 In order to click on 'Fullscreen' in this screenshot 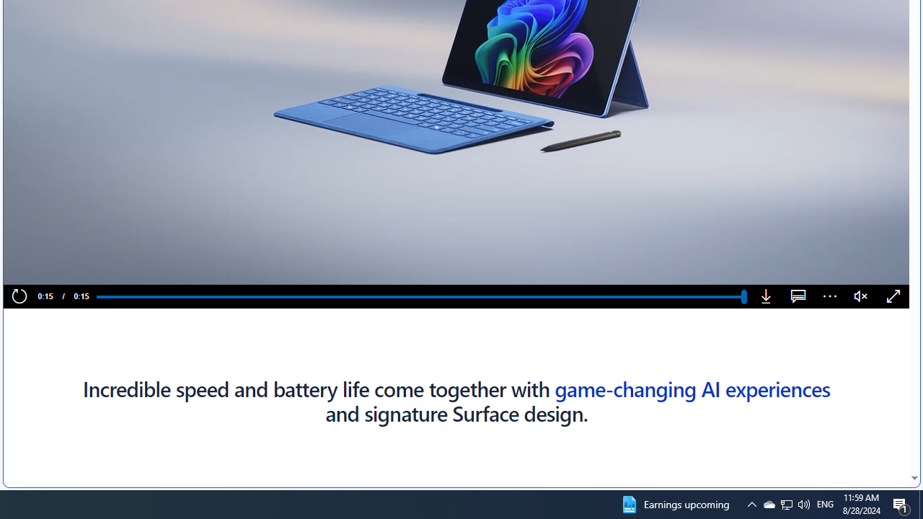, I will do `click(893, 296)`.